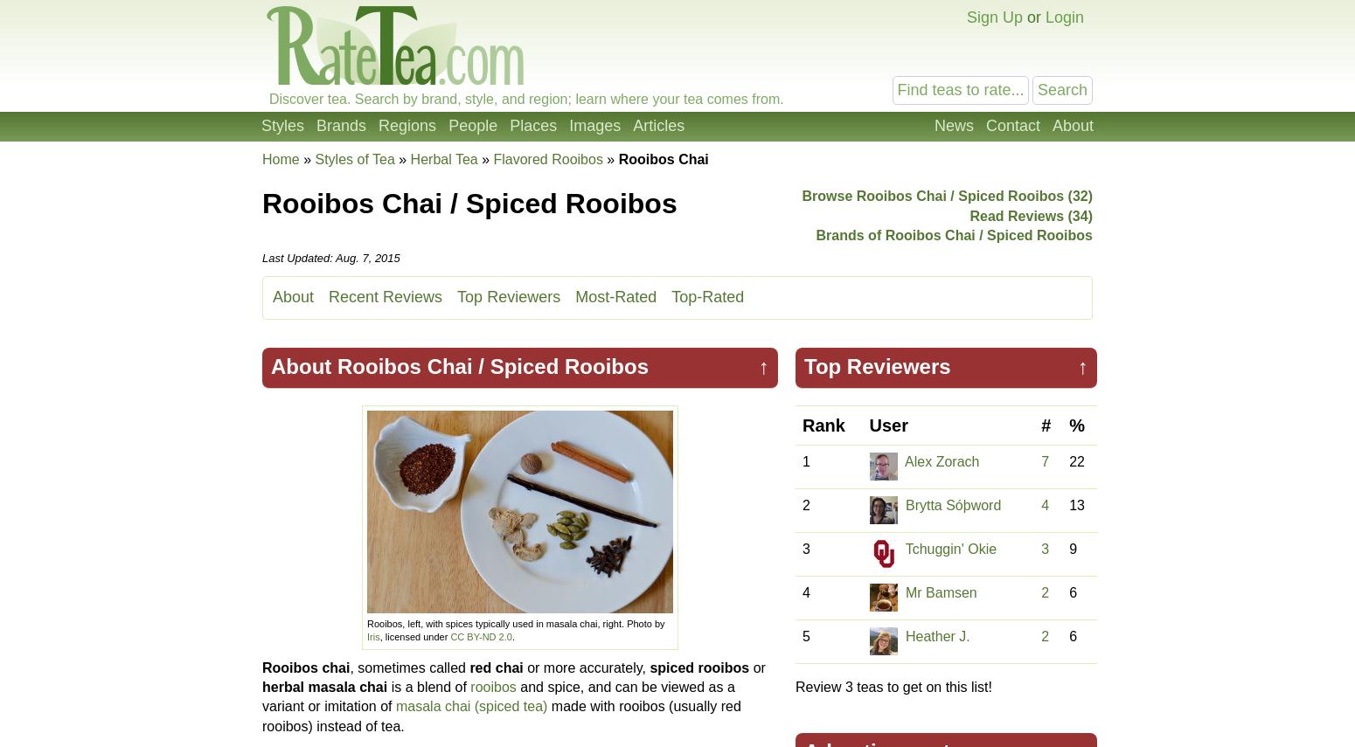  Describe the element at coordinates (1031, 214) in the screenshot. I see `'Read Reviews (34)'` at that location.